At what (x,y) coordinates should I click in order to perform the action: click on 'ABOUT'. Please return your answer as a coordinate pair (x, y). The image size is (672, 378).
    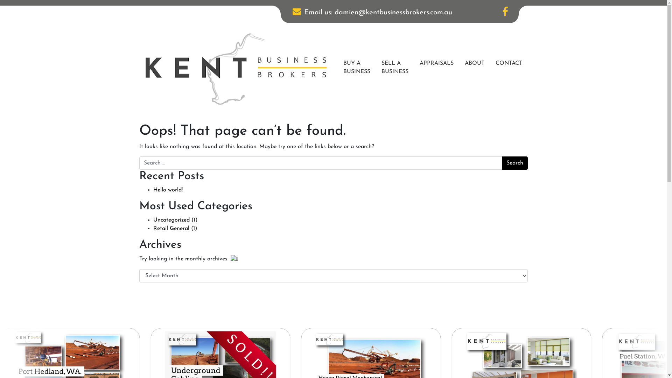
    Looking at the image, I should click on (475, 63).